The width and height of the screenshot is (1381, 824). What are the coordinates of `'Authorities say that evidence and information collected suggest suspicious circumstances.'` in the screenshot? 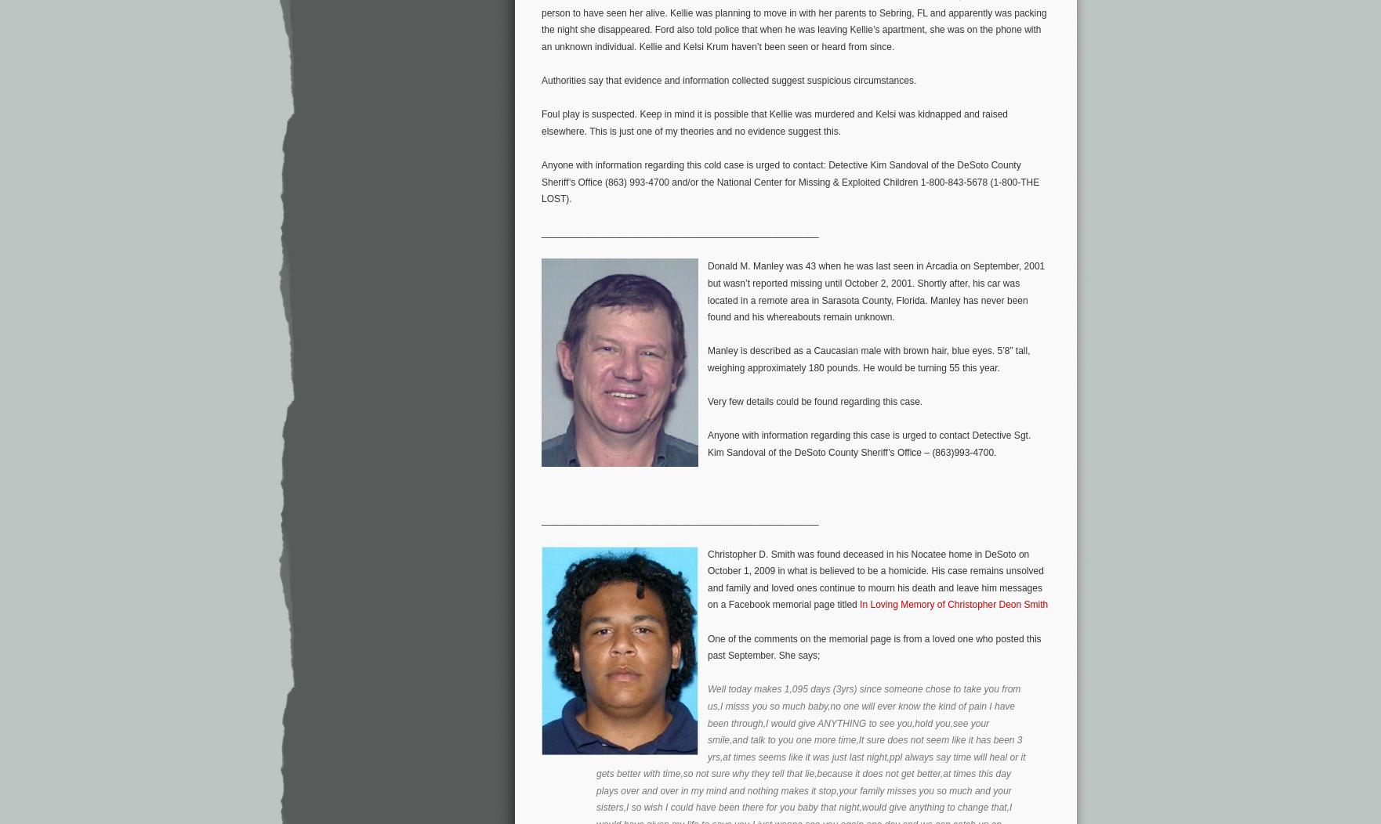 It's located at (541, 80).